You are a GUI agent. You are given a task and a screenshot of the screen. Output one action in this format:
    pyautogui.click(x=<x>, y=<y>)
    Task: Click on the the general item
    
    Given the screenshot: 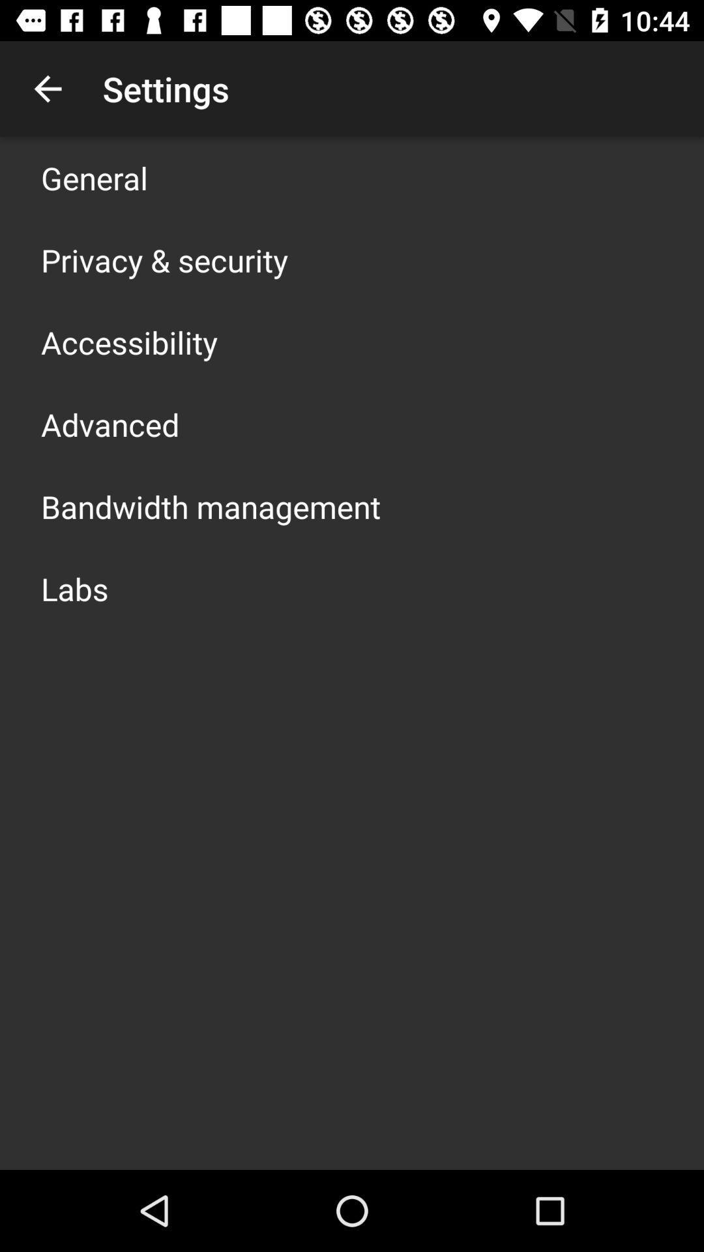 What is the action you would take?
    pyautogui.click(x=94, y=177)
    